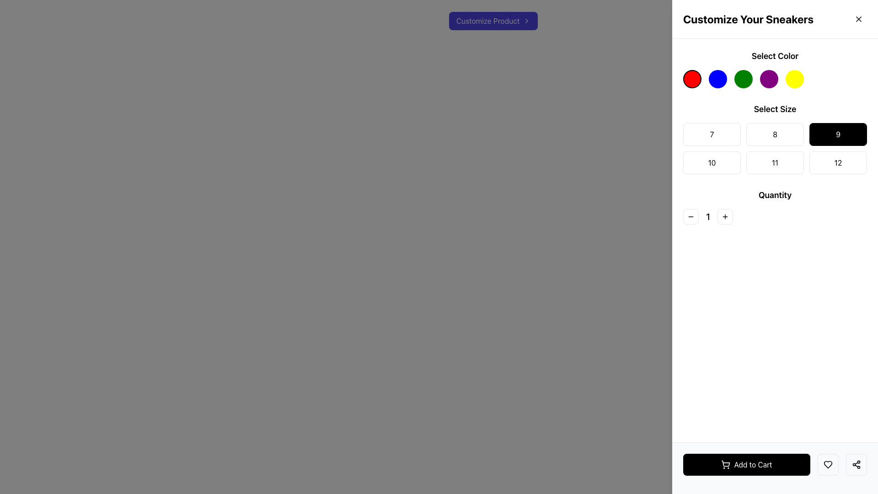 This screenshot has width=878, height=494. What do you see at coordinates (746, 464) in the screenshot?
I see `the black 'Add to Cart' button with rounded corners and a shopping cart icon` at bounding box center [746, 464].